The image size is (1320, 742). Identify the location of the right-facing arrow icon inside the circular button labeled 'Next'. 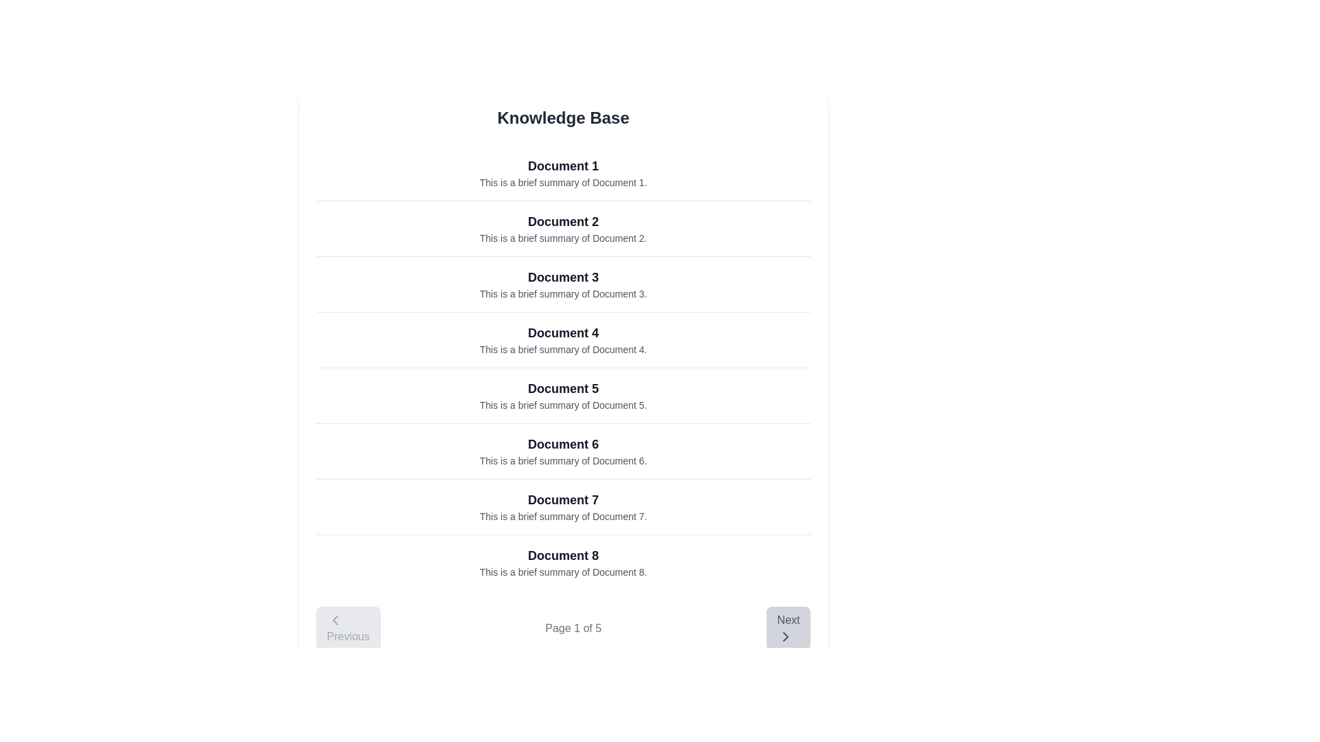
(785, 636).